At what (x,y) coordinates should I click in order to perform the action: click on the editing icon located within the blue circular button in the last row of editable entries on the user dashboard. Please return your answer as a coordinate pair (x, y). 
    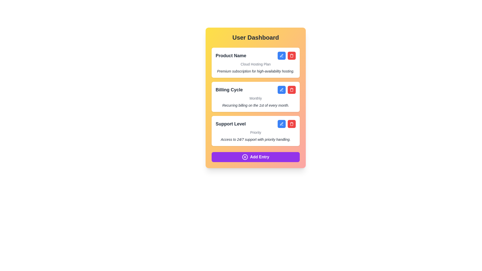
    Looking at the image, I should click on (282, 124).